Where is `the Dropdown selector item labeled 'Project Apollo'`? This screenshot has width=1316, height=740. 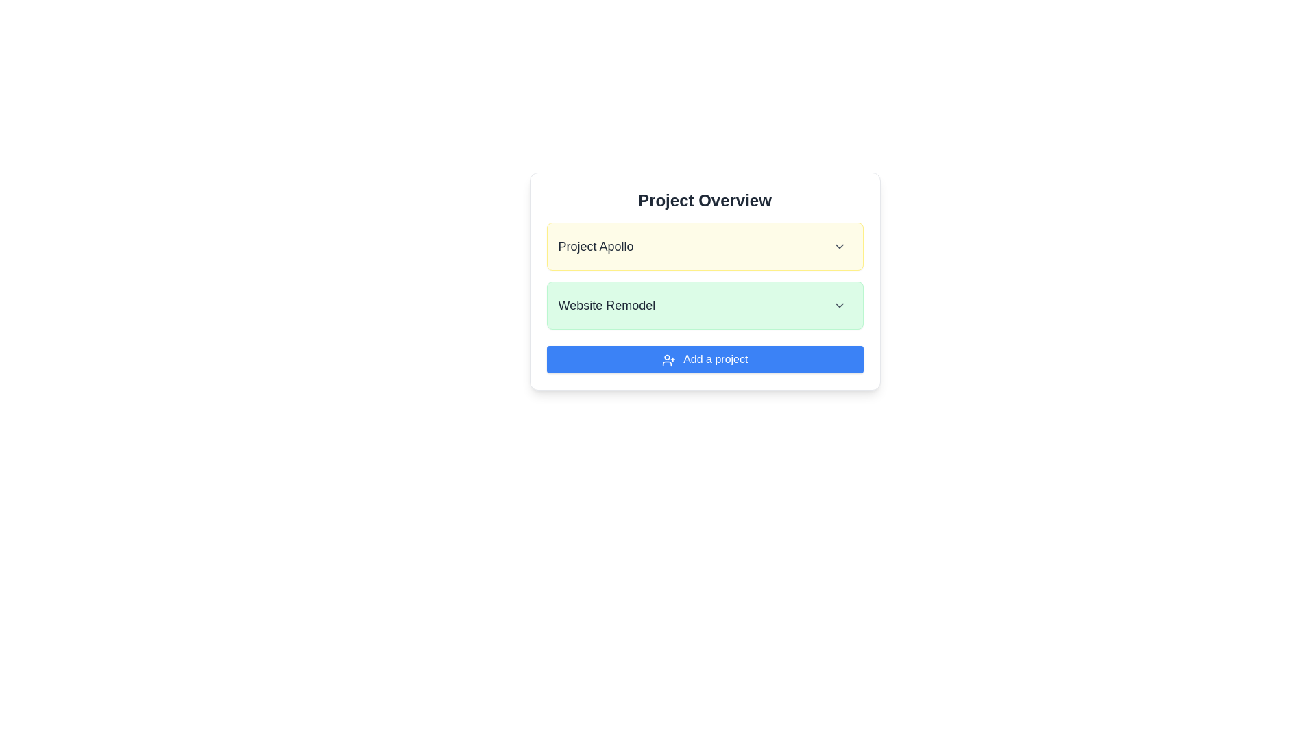 the Dropdown selector item labeled 'Project Apollo' is located at coordinates (705, 245).